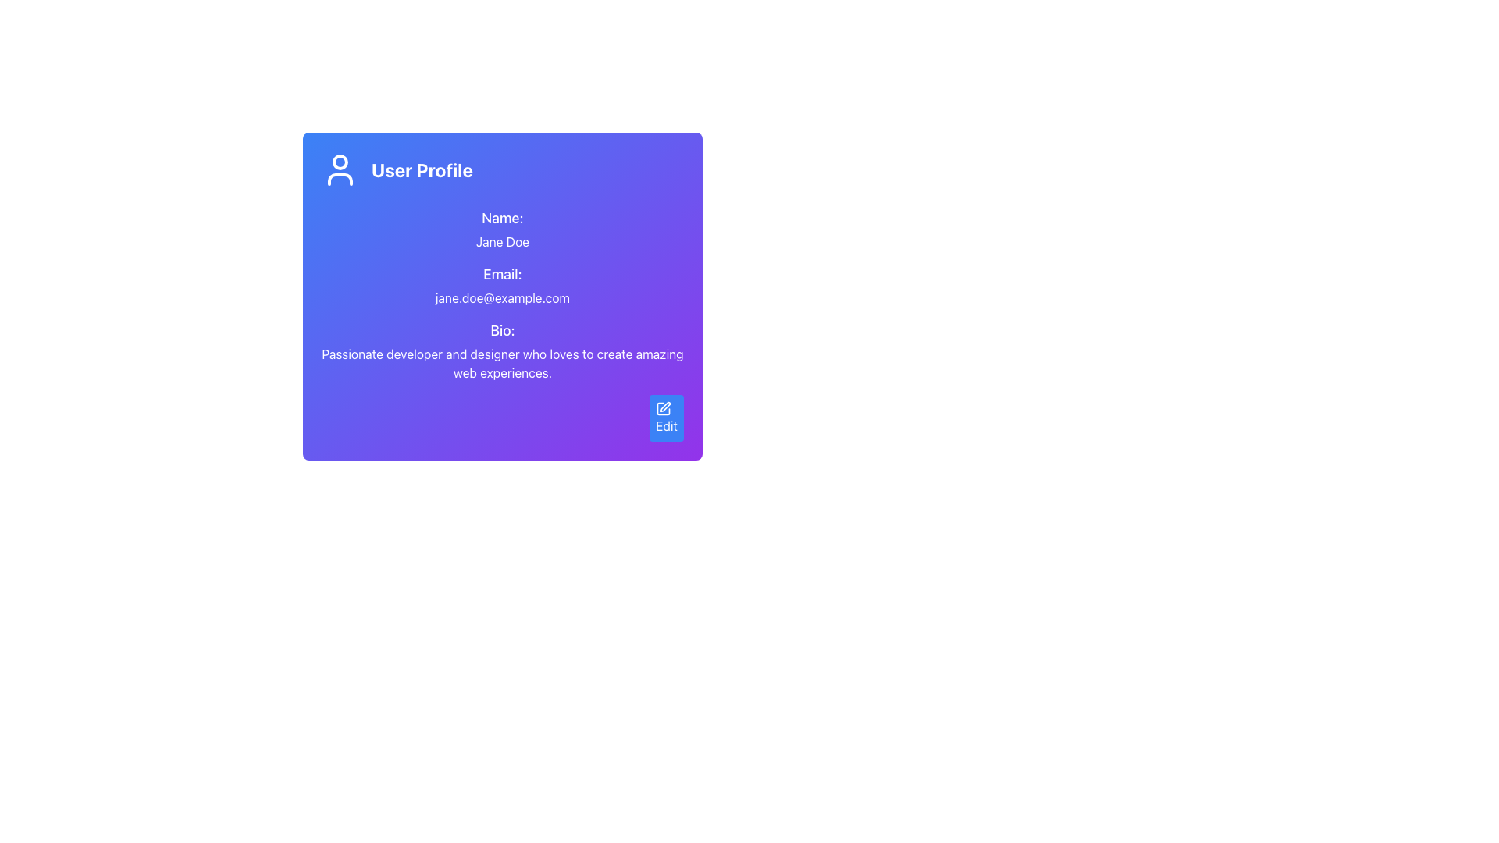 This screenshot has width=1499, height=843. Describe the element at coordinates (502, 351) in the screenshot. I see `the text block displaying the biographical description associated with the user profile interface, located below the 'Email' entry and above the 'Edit' button` at that location.